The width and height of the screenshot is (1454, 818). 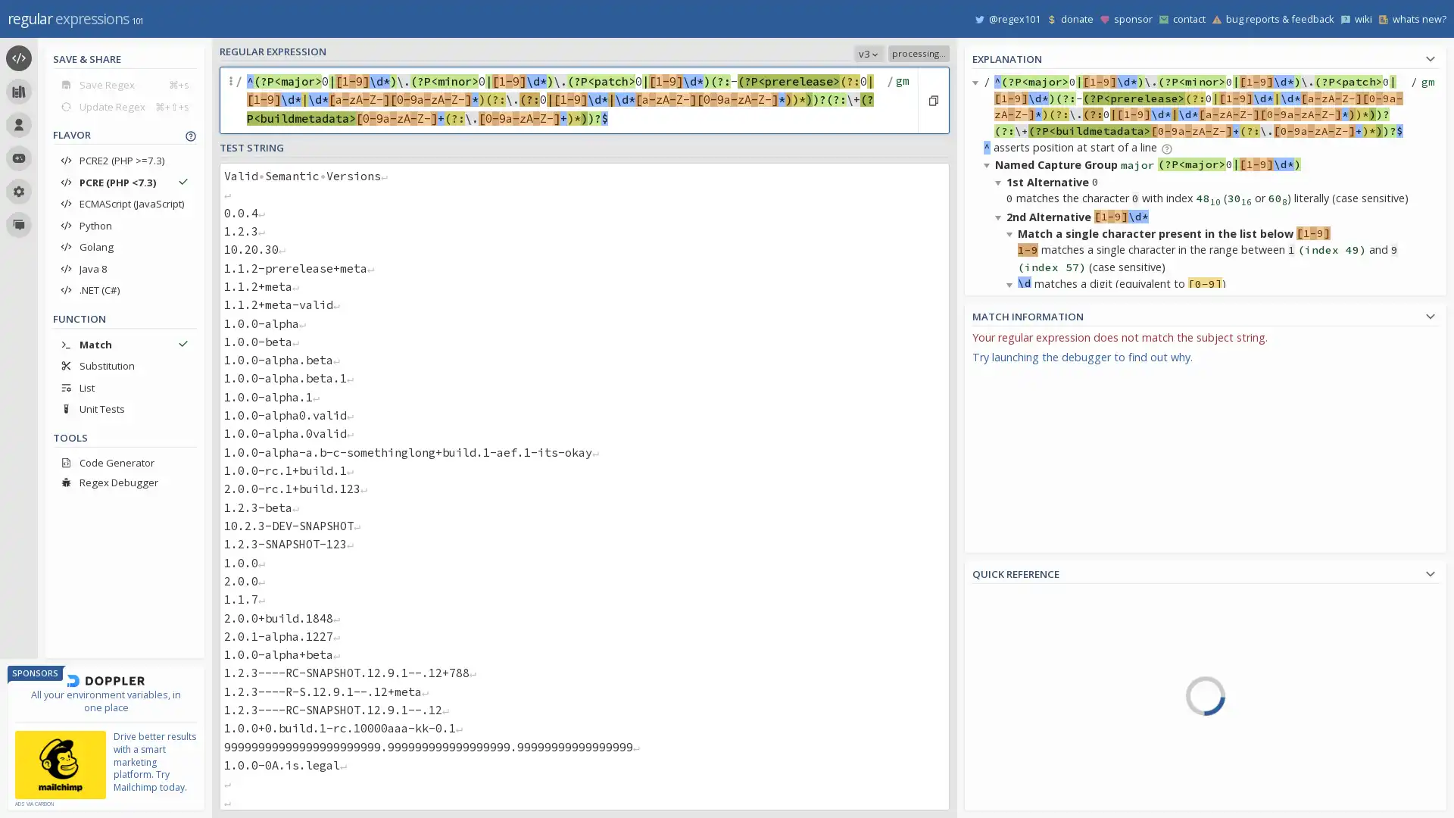 I want to click on ECMAScript (JavaScript), so click(x=124, y=203).